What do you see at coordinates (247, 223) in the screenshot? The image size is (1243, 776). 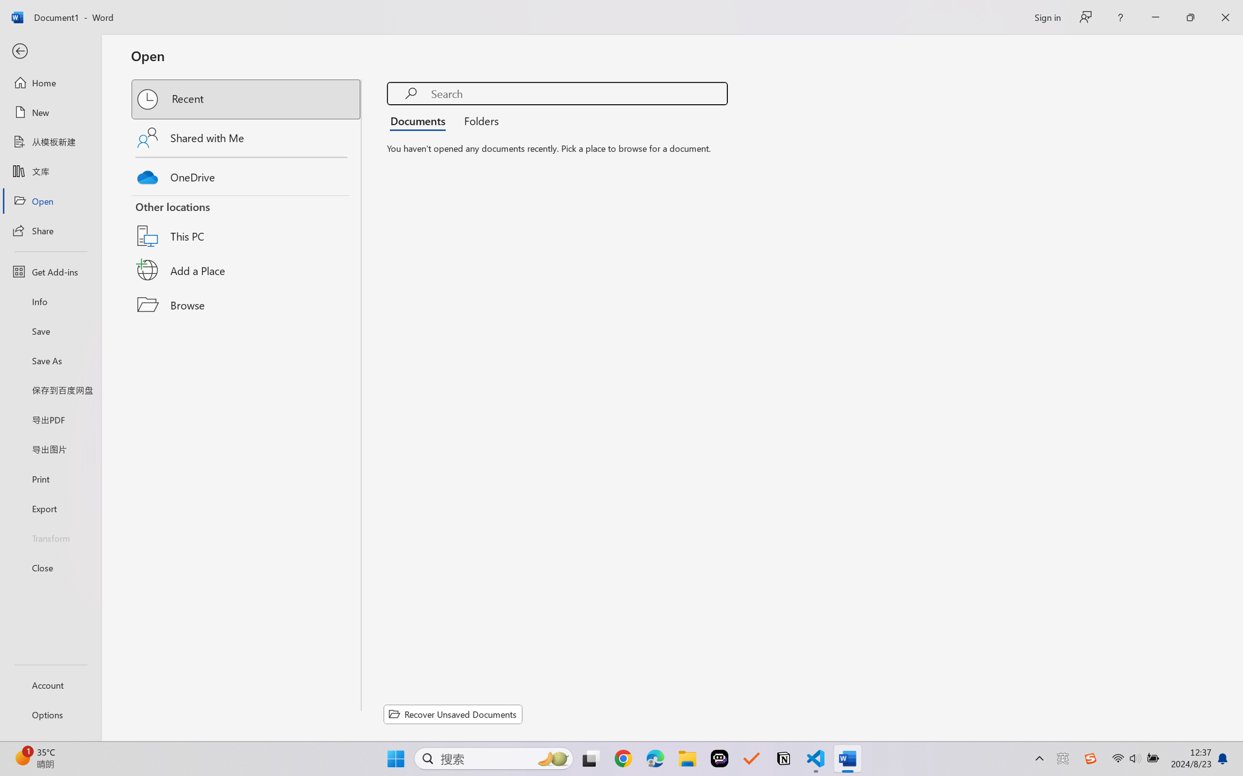 I see `'This PC'` at bounding box center [247, 223].